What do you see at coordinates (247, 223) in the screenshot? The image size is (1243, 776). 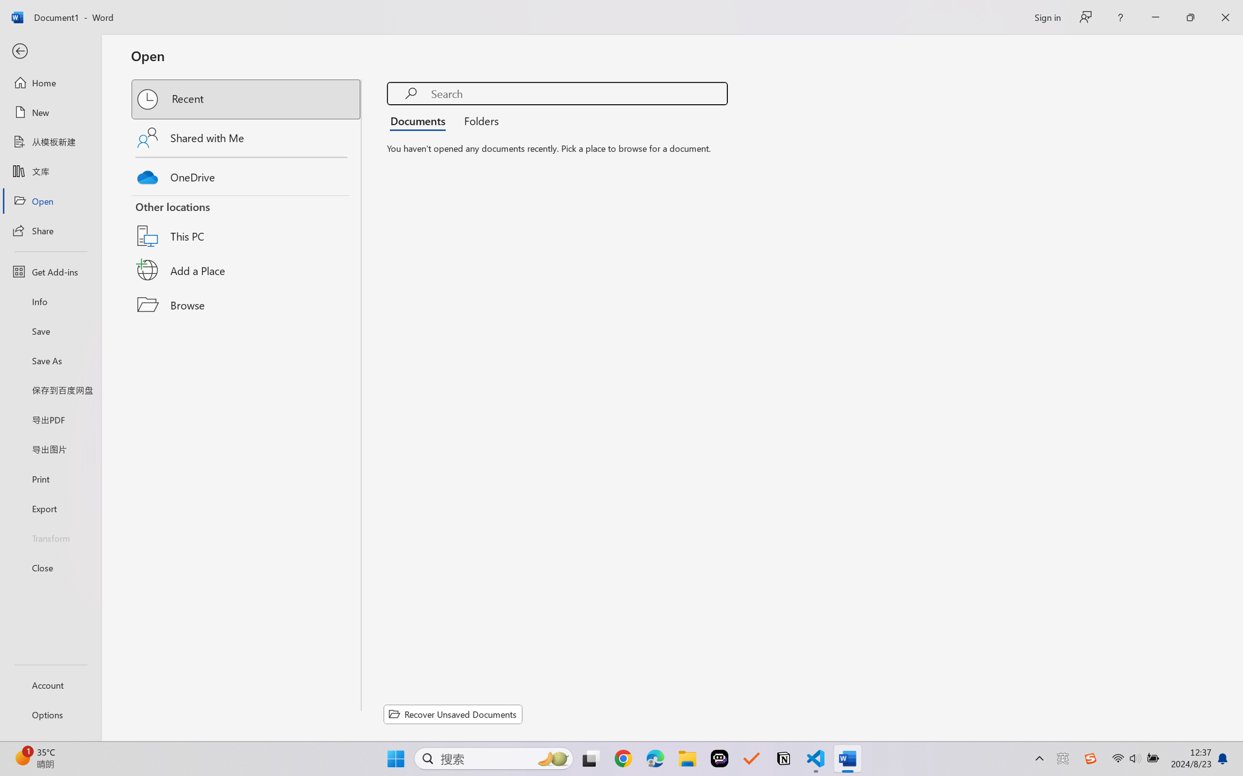 I see `'This PC'` at bounding box center [247, 223].